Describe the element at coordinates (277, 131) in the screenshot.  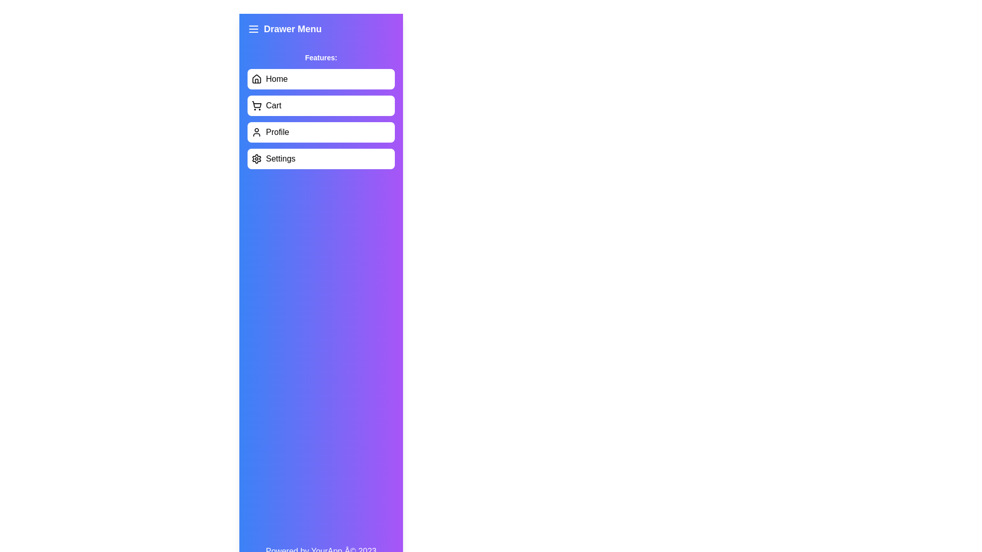
I see `the 'Profile' text label` at that location.